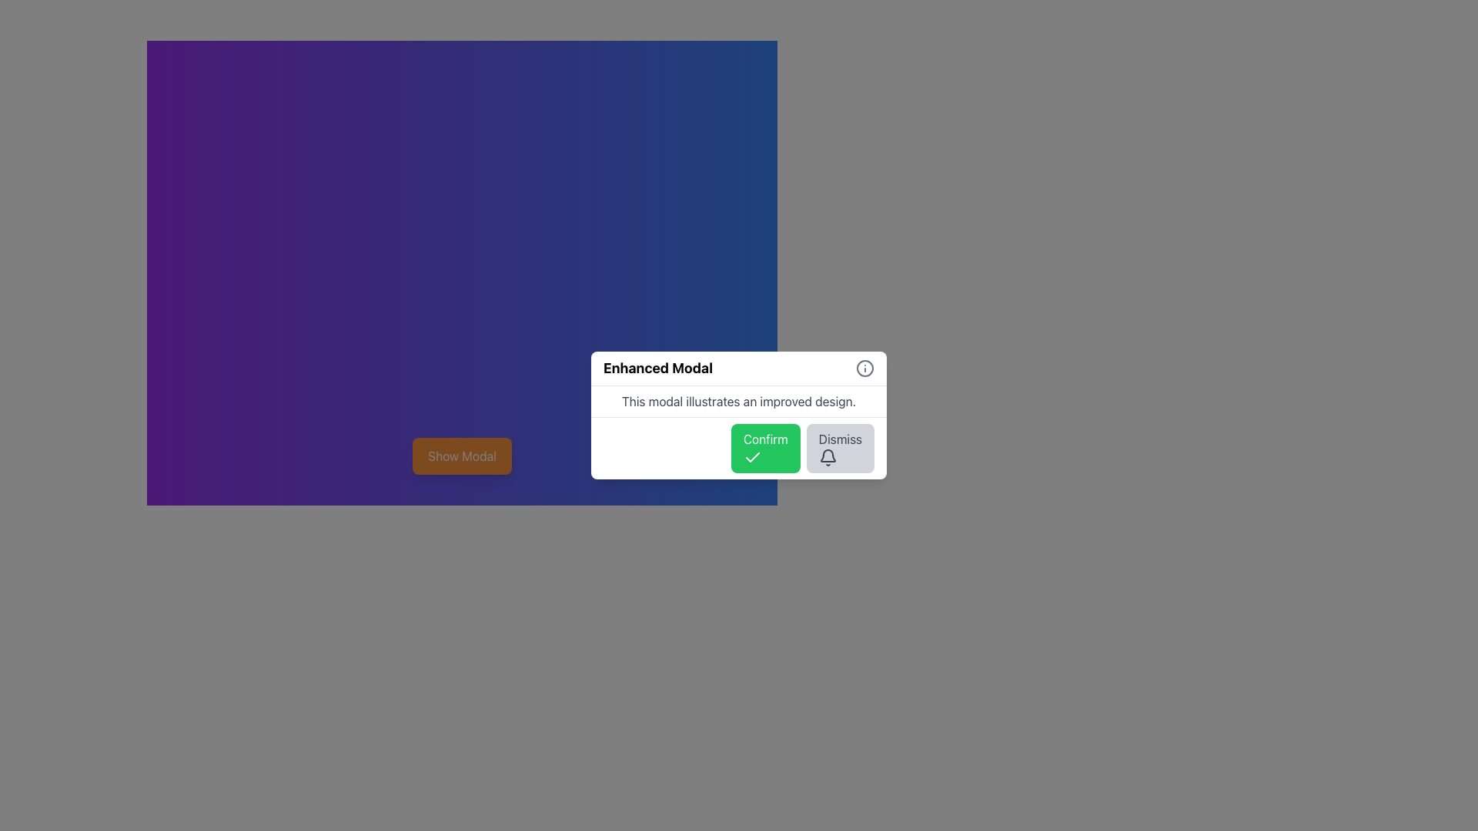 The image size is (1478, 831). What do you see at coordinates (752, 456) in the screenshot?
I see `the confirmation icon located in the center of the green 'Confirm' button at the bottom-right of the modal interface` at bounding box center [752, 456].